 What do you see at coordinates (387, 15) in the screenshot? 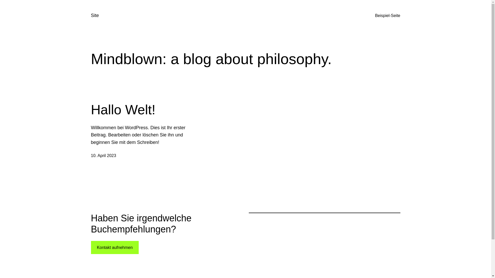
I see `'Beispiel-Seite'` at bounding box center [387, 15].